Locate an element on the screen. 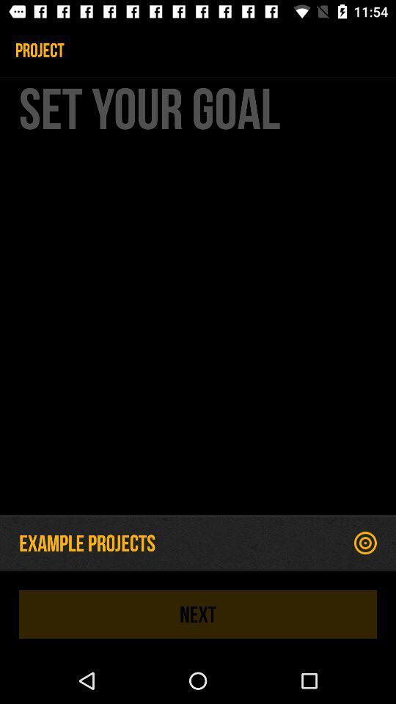 The height and width of the screenshot is (704, 396). the icon below the example projects is located at coordinates (198, 614).